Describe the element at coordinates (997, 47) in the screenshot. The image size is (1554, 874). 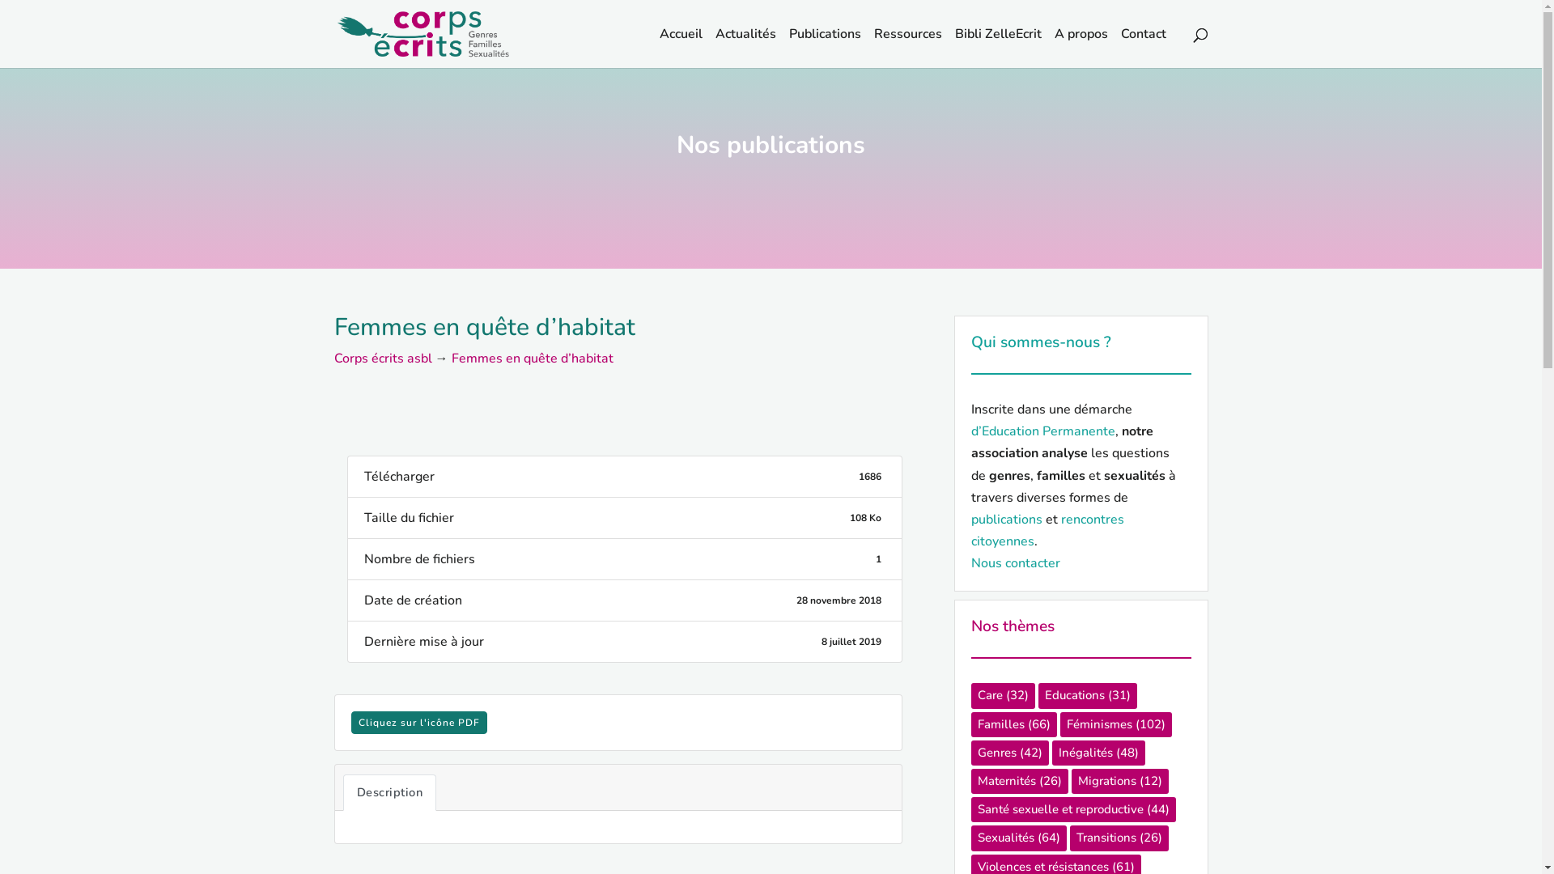
I see `'Bibli ZelleEcrit'` at that location.